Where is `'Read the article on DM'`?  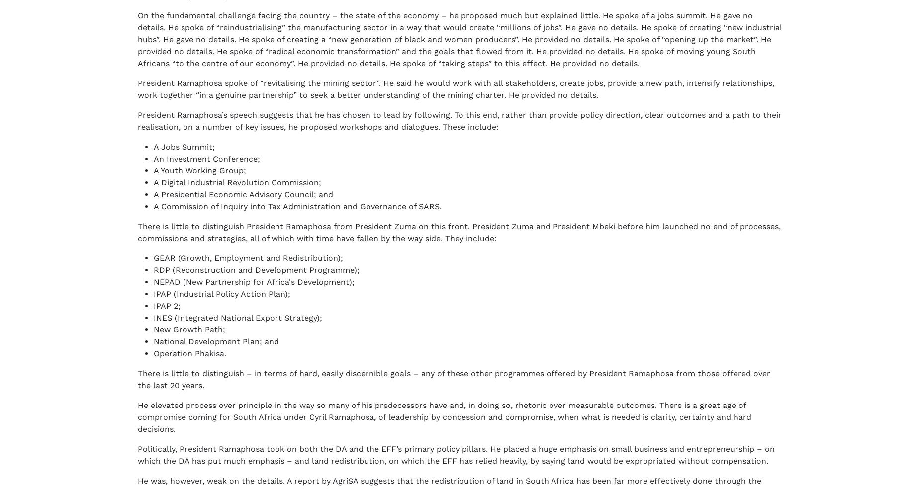 'Read the article on DM' is located at coordinates (184, 166).